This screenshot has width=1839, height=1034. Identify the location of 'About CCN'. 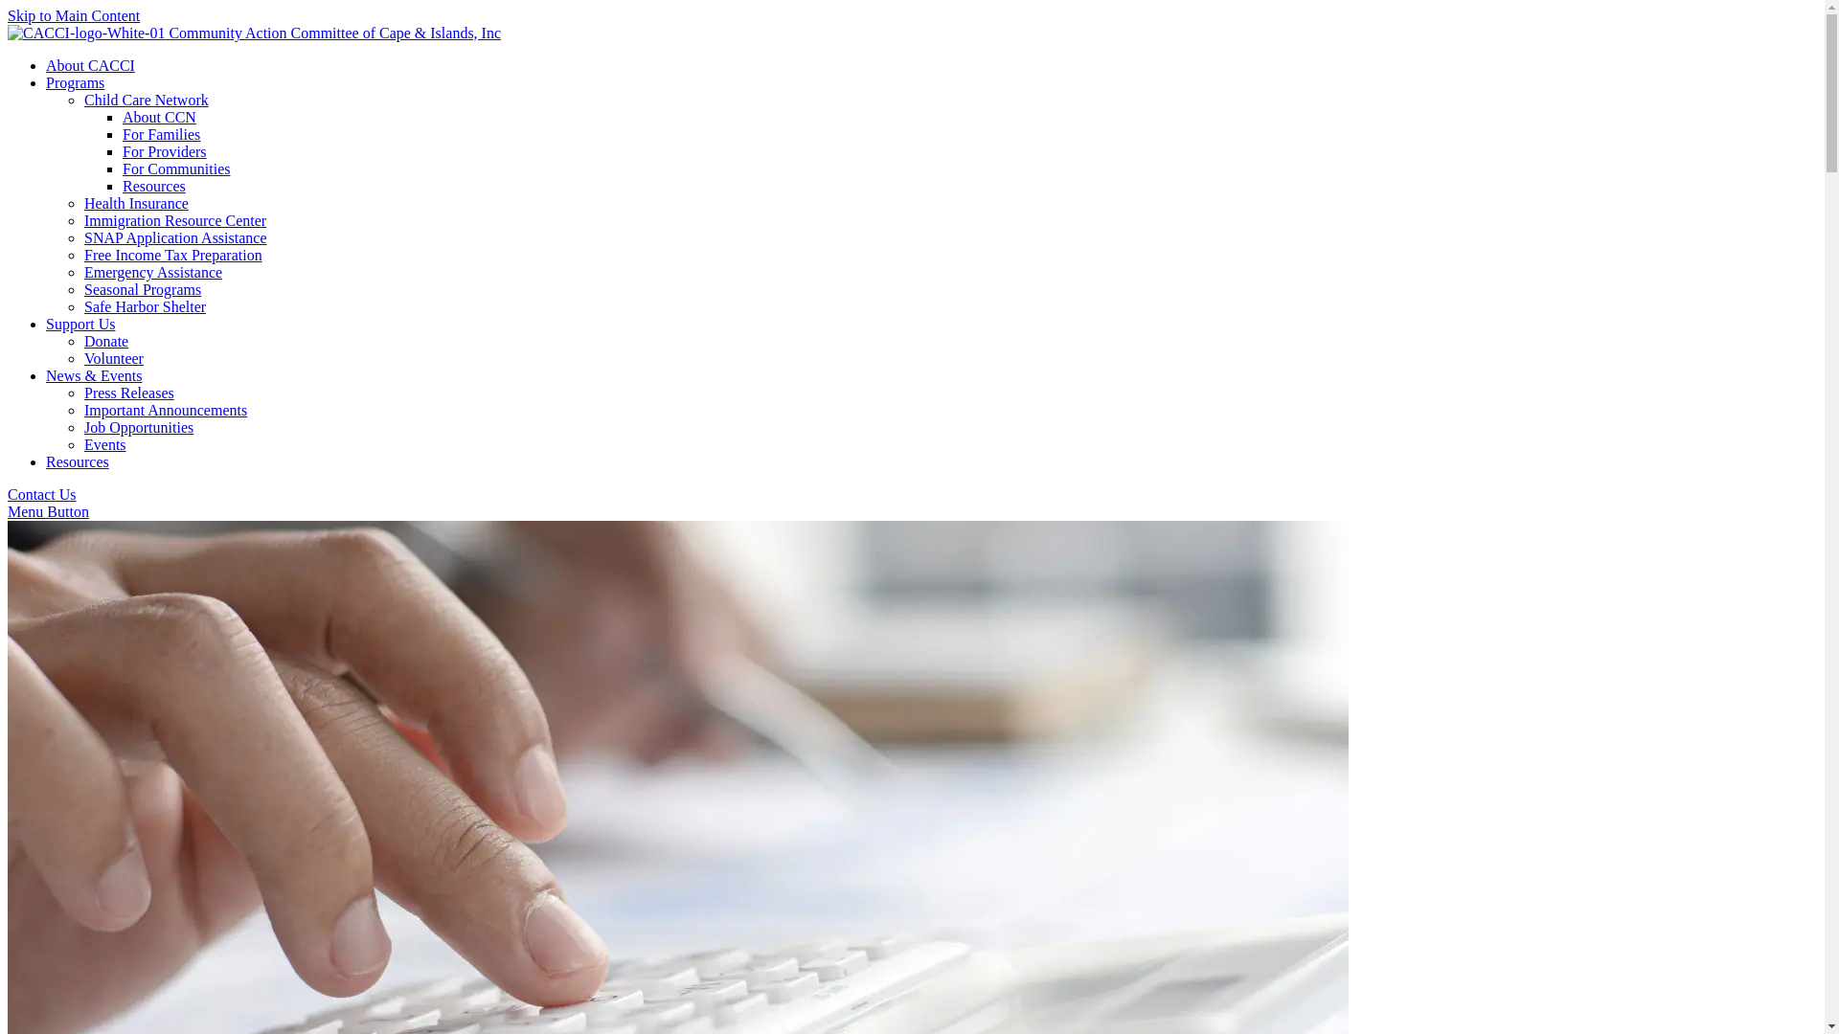
(159, 117).